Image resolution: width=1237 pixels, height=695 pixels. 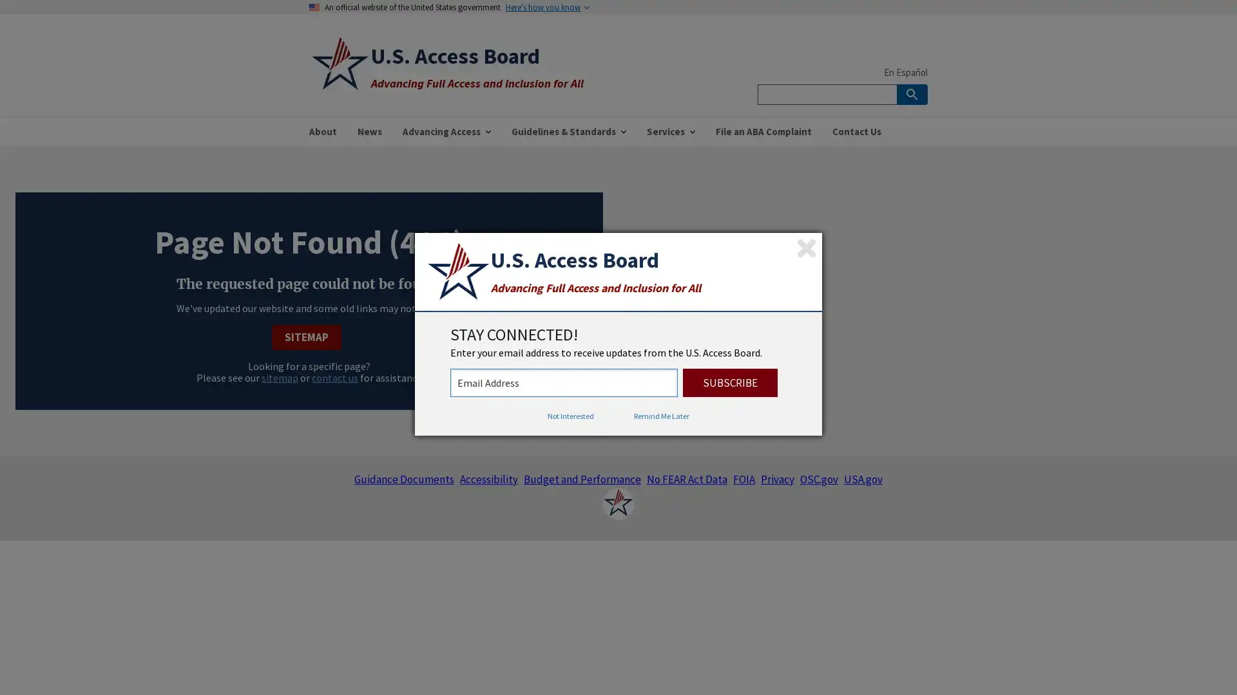 What do you see at coordinates (543, 7) in the screenshot?
I see `Here's how you know` at bounding box center [543, 7].